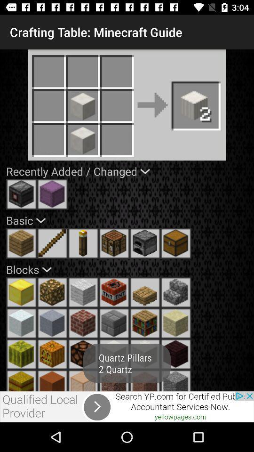  Describe the element at coordinates (176, 323) in the screenshot. I see `element` at that location.